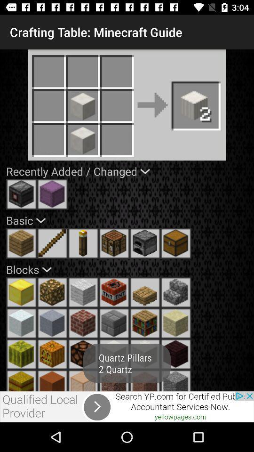  Describe the element at coordinates (176, 323) in the screenshot. I see `element` at that location.